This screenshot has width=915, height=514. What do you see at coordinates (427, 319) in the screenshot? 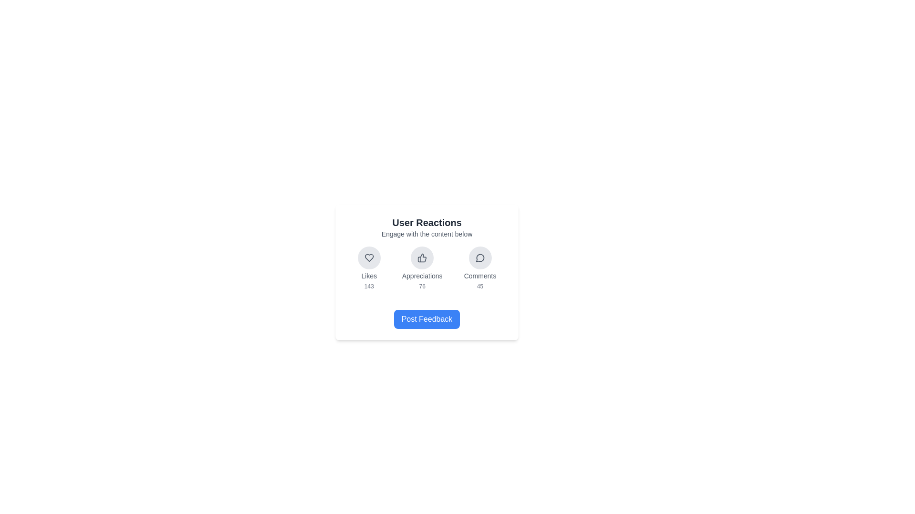
I see `the feedback submission button located at the bottom of the 'User Reactions' card to observe the hover effects` at bounding box center [427, 319].